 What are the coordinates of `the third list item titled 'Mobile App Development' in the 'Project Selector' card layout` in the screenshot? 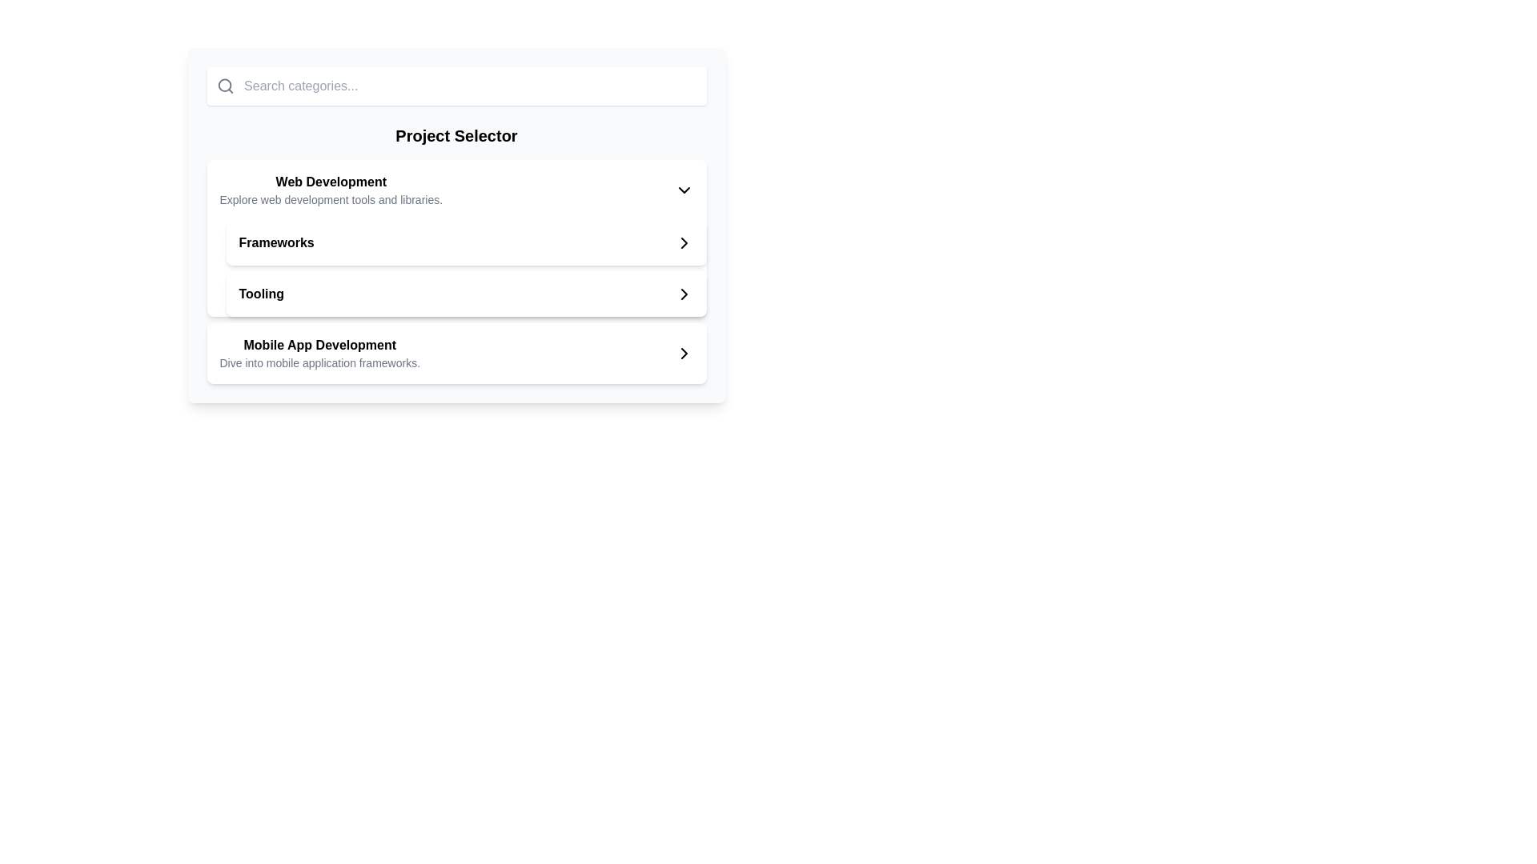 It's located at (319, 353).